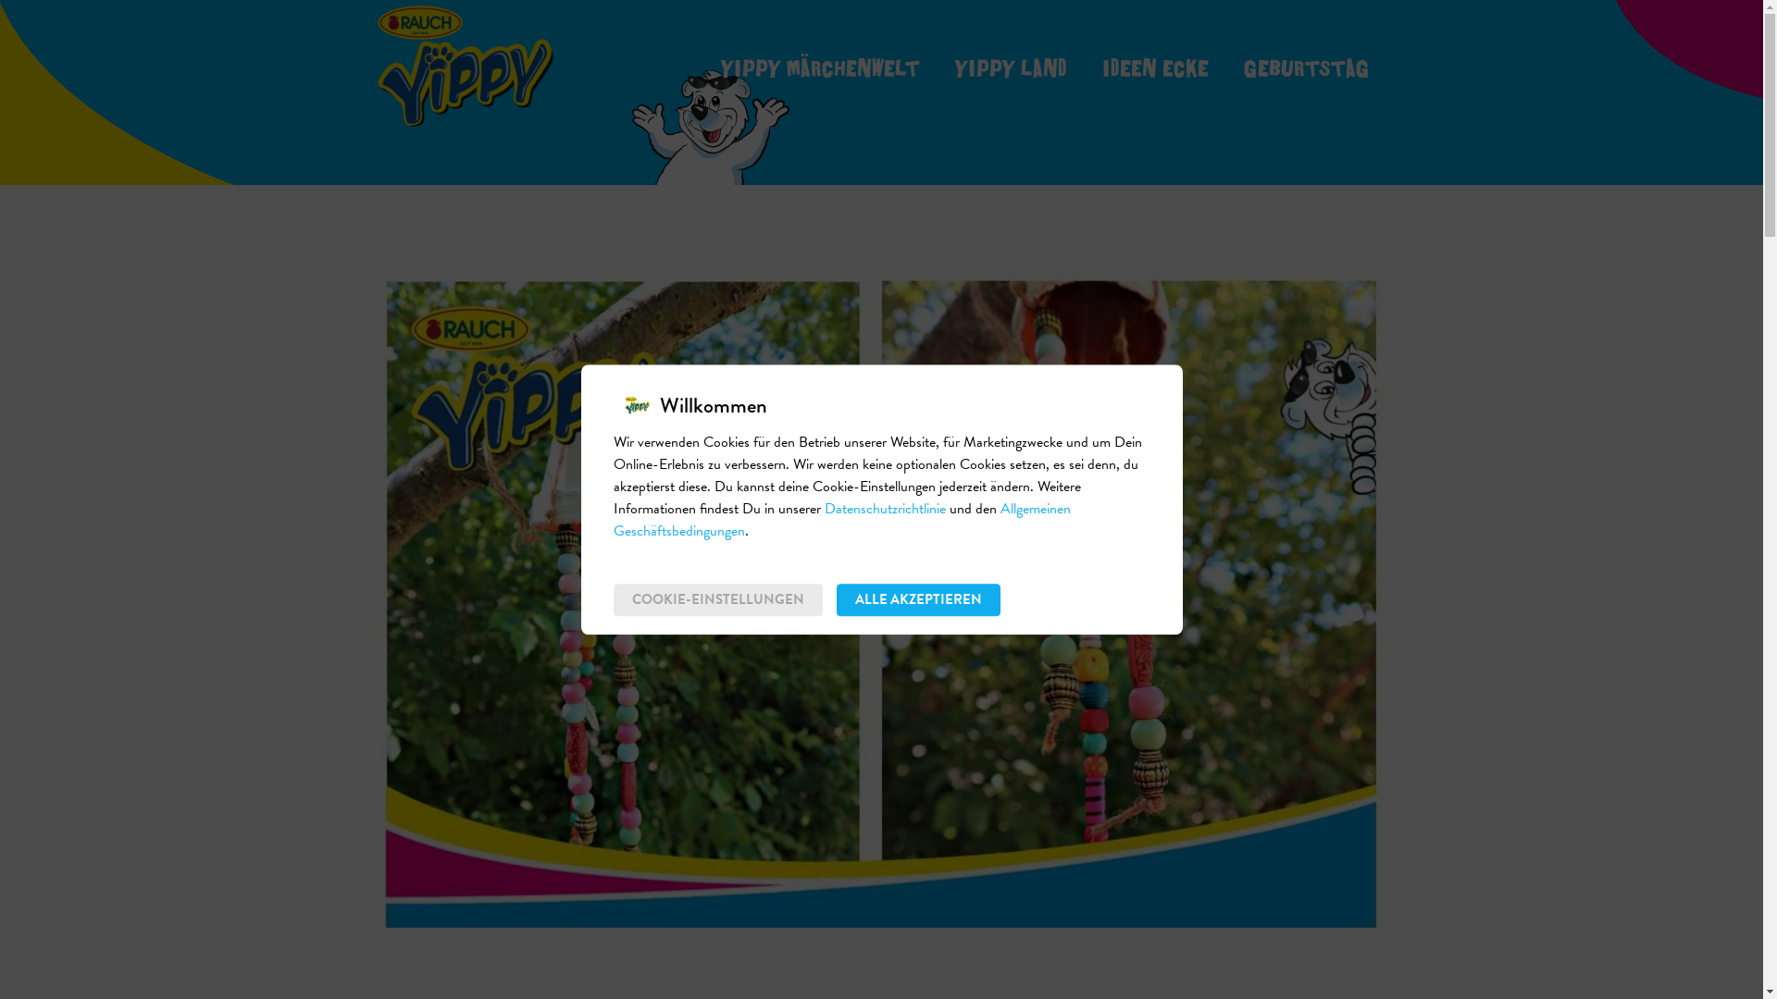 The height and width of the screenshot is (999, 1777). Describe the element at coordinates (466, 65) in the screenshot. I see `'Home'` at that location.